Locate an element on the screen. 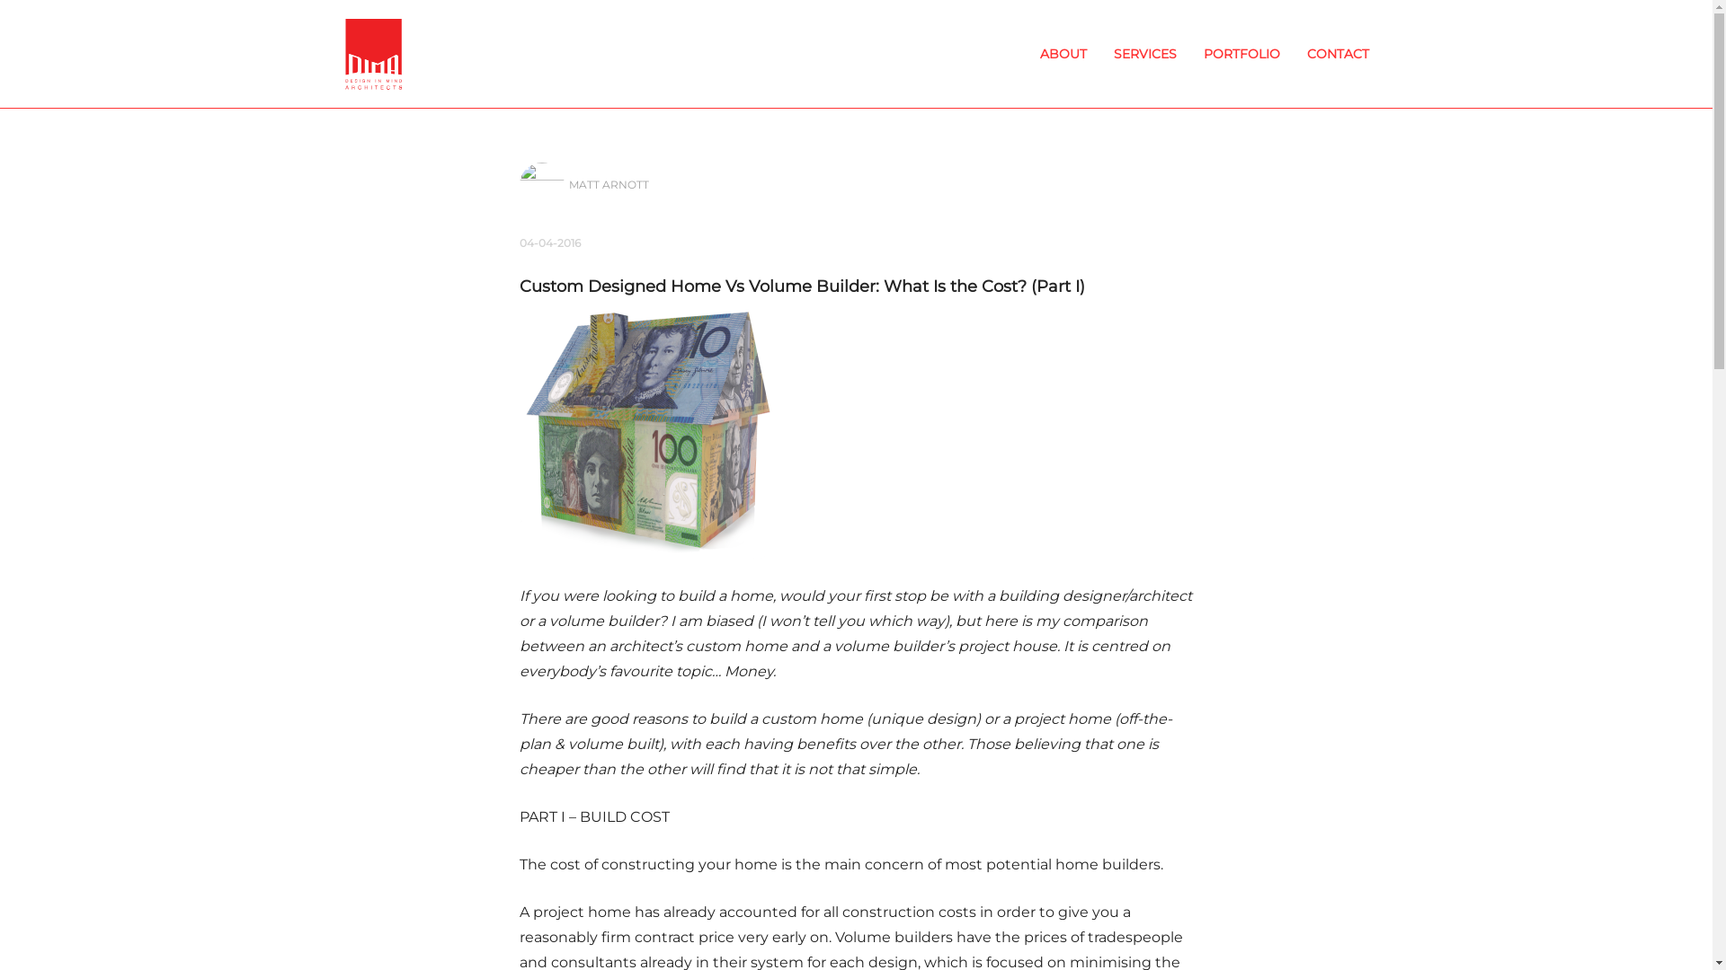 The image size is (1726, 970). 'ABOUT' is located at coordinates (1063, 53).